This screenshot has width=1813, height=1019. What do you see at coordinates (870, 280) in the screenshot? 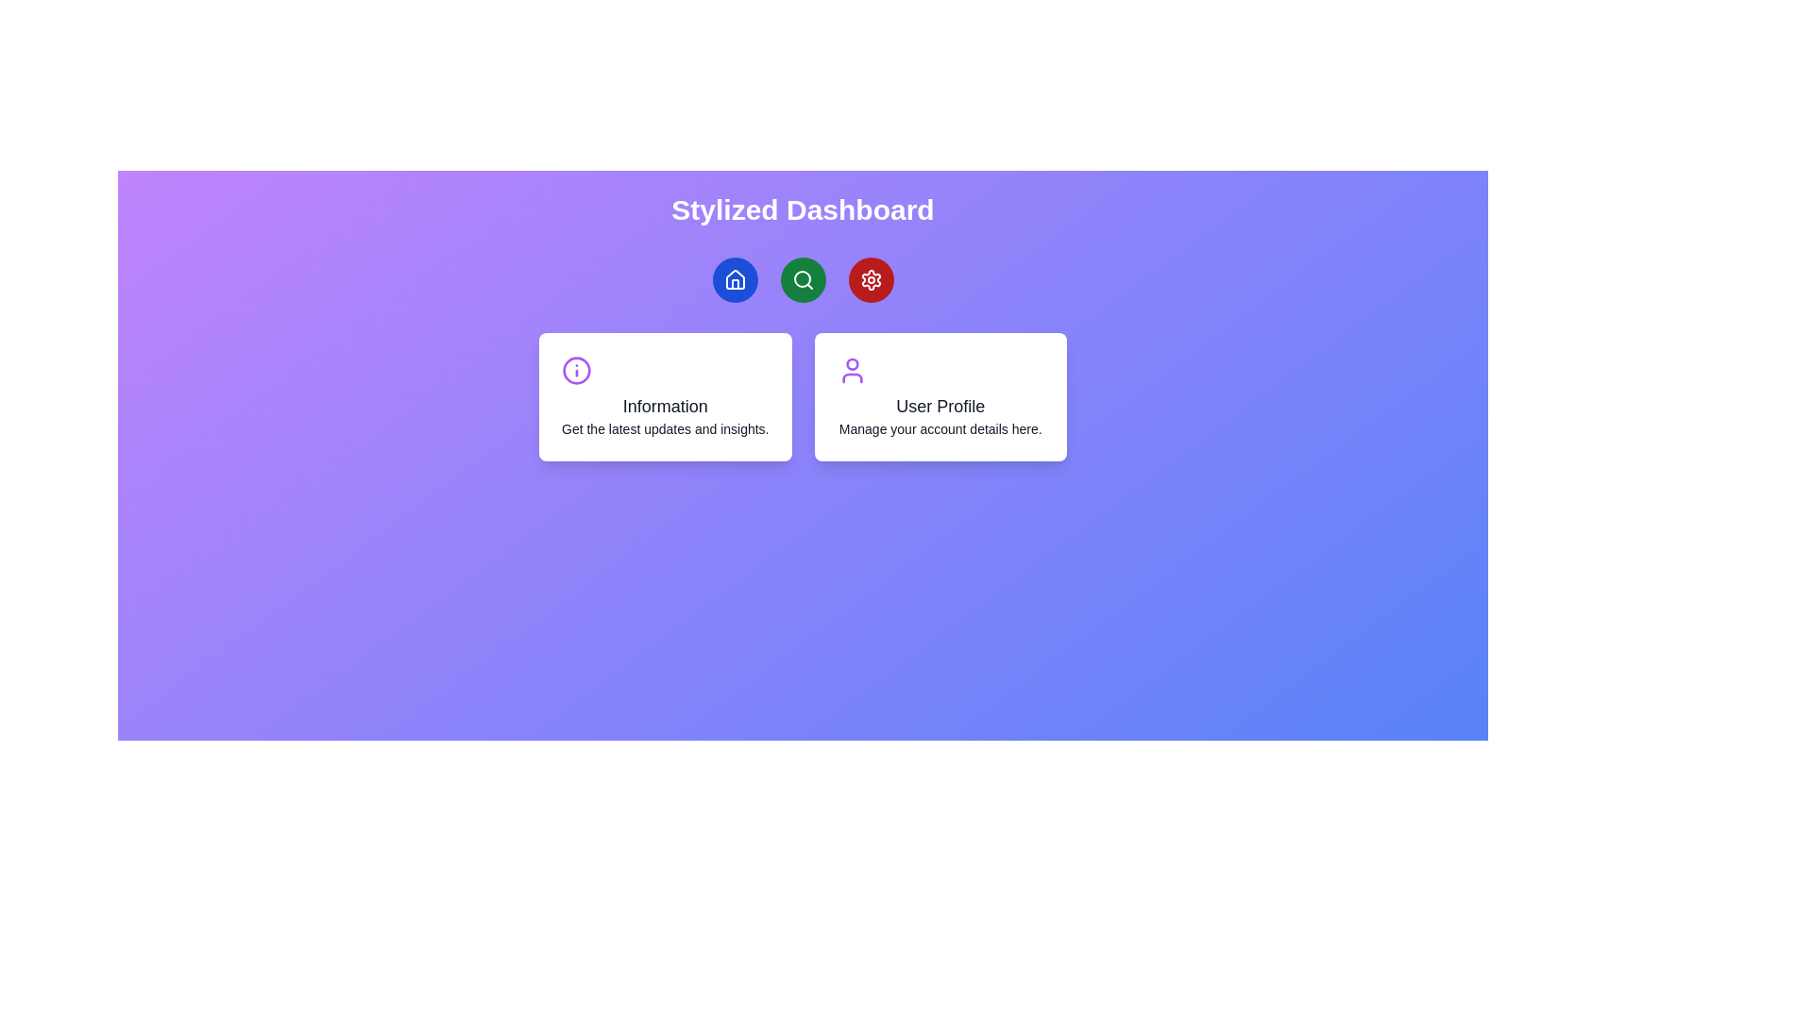
I see `the circular red button with a white gear symbol` at bounding box center [870, 280].